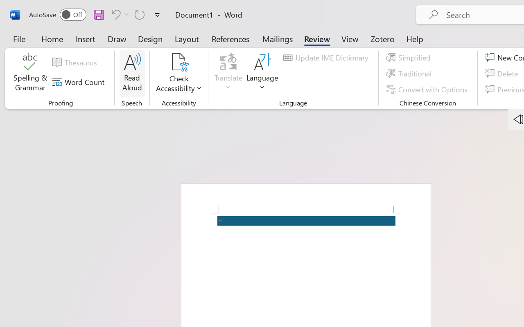 Image resolution: width=524 pixels, height=327 pixels. What do you see at coordinates (427, 89) in the screenshot?
I see `'Convert with Options...'` at bounding box center [427, 89].